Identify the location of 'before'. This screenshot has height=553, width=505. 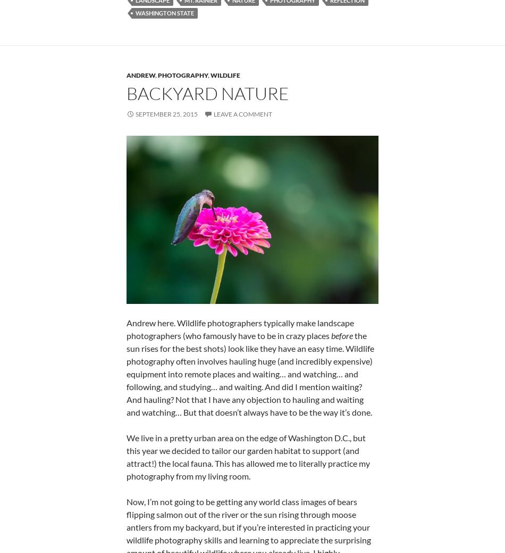
(342, 335).